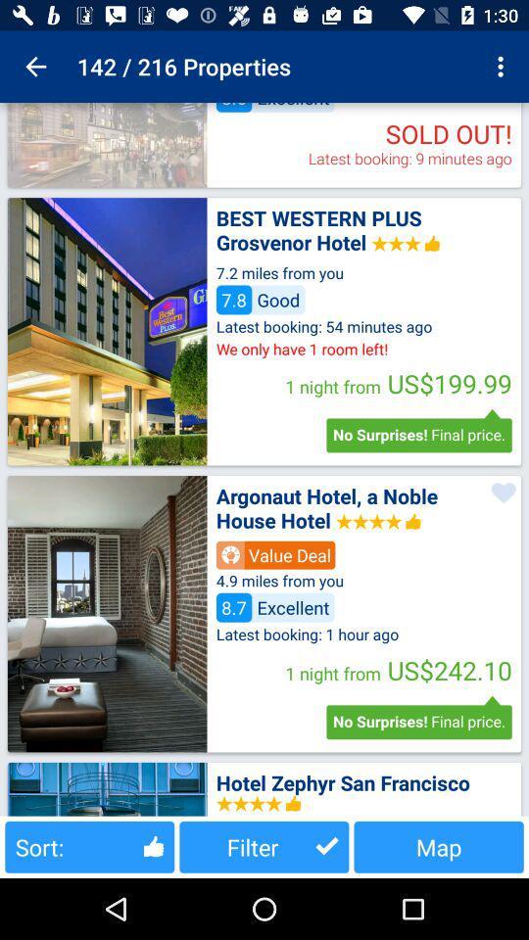 The image size is (529, 940). Describe the element at coordinates (107, 789) in the screenshot. I see `pic` at that location.